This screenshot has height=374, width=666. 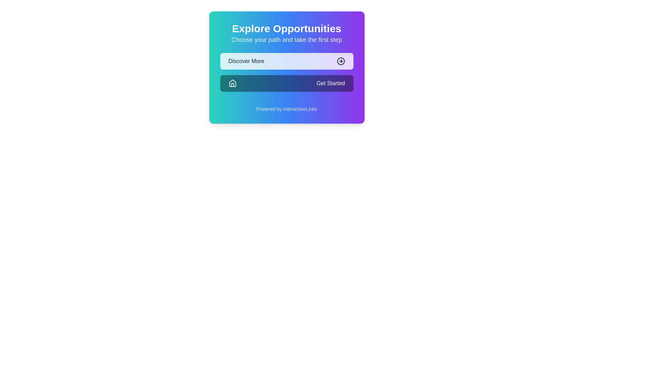 I want to click on the house-like icon with a triangular roof and a rectangular base, which is part of an SVG graphic representing a house, located at the center of the graphic's upper portion, so click(x=232, y=83).